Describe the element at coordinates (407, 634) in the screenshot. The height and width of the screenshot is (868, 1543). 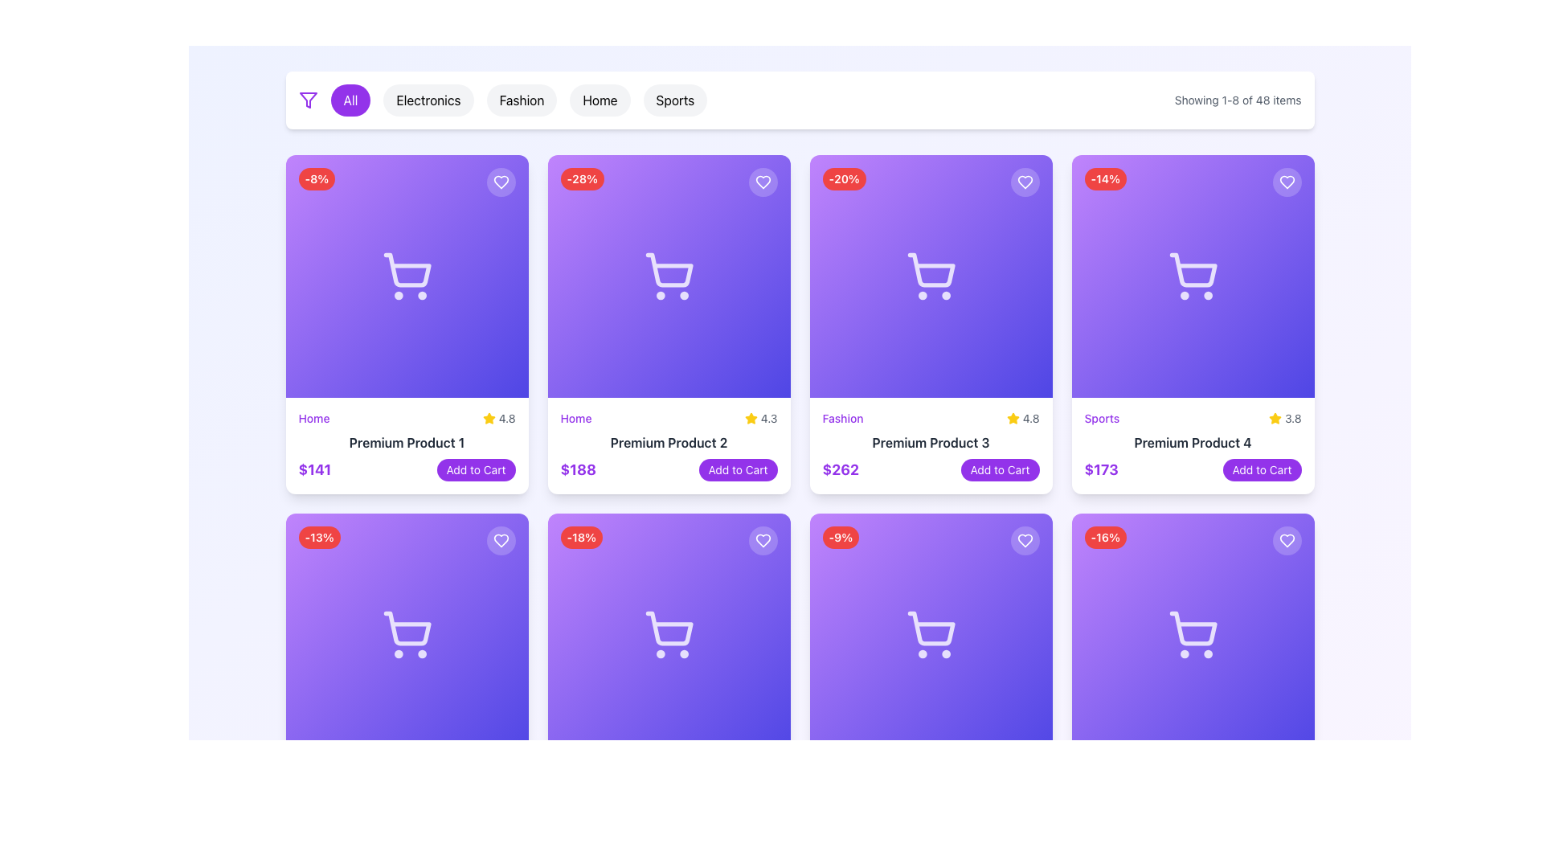
I see `the product graphical card displaying information` at that location.